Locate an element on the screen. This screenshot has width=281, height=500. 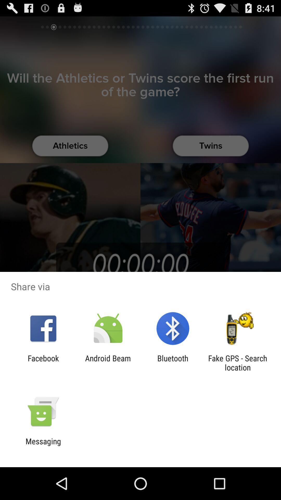
the fake gps search icon is located at coordinates (238, 362).